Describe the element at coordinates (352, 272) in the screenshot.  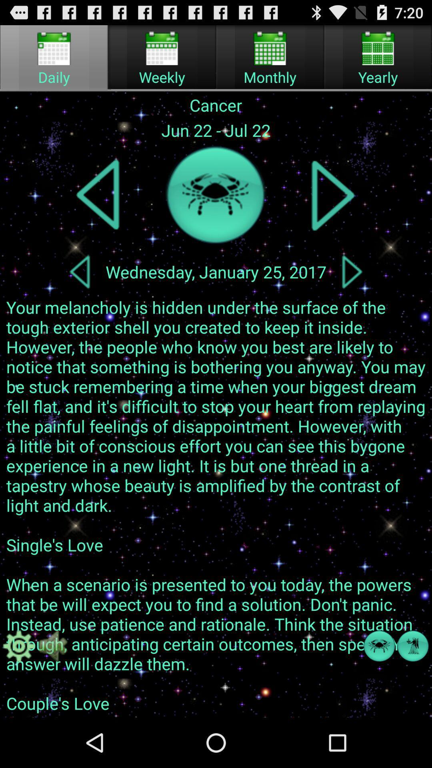
I see `next day` at that location.